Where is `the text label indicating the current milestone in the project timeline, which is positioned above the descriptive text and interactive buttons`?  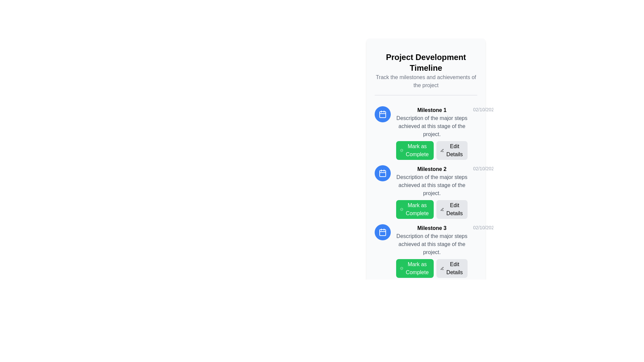 the text label indicating the current milestone in the project timeline, which is positioned above the descriptive text and interactive buttons is located at coordinates (432, 228).